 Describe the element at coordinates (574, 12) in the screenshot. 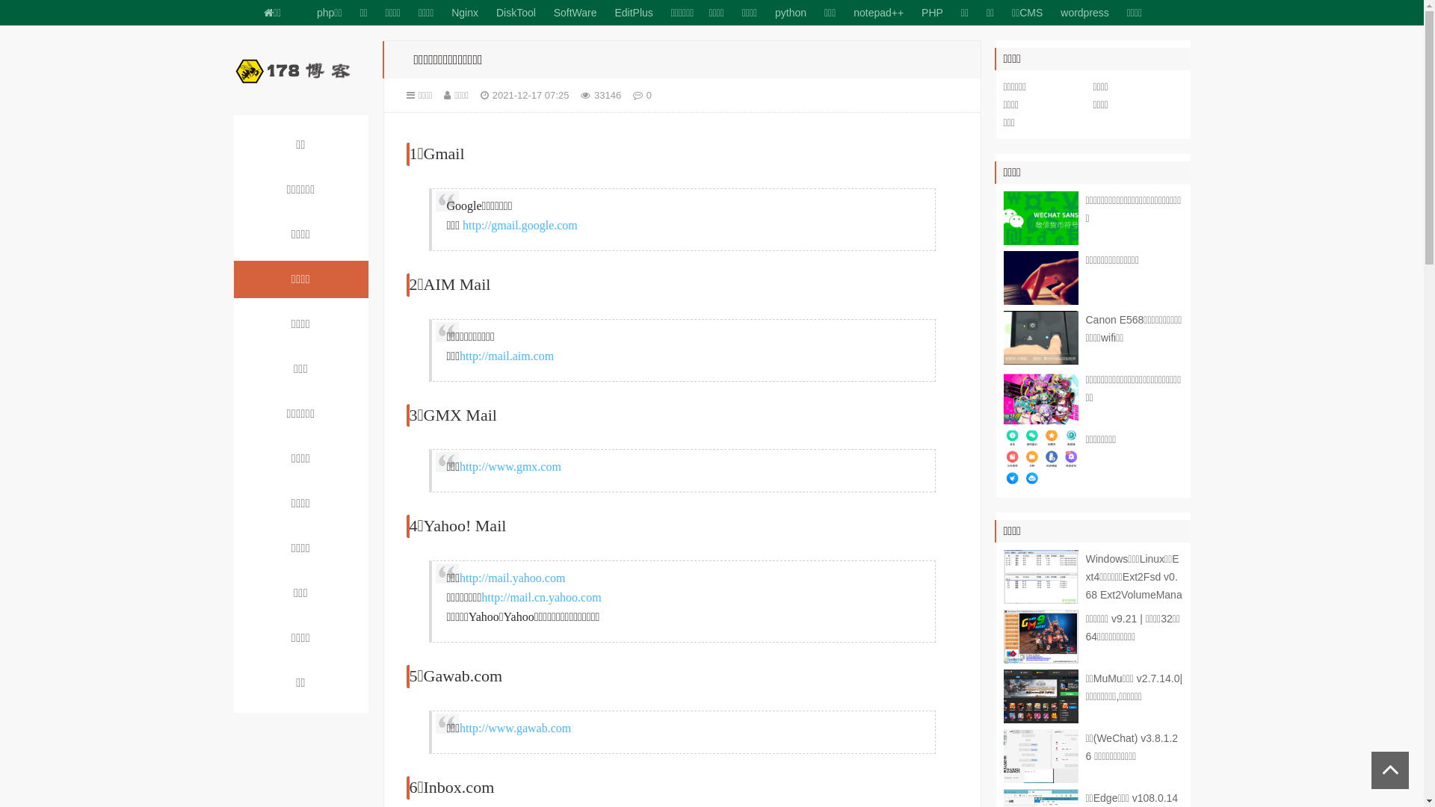

I see `'SoftWare'` at that location.